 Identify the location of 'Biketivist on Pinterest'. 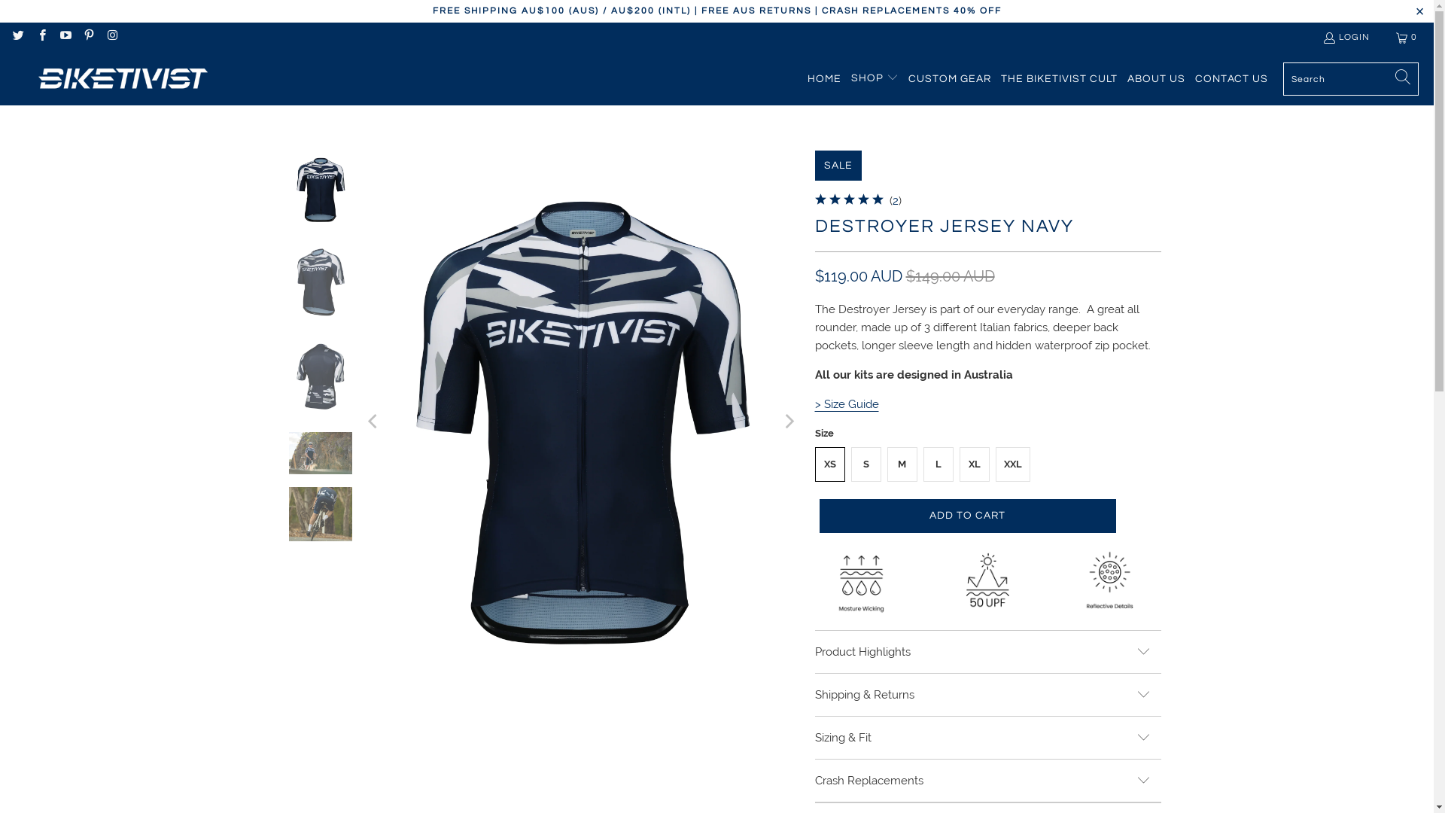
(87, 36).